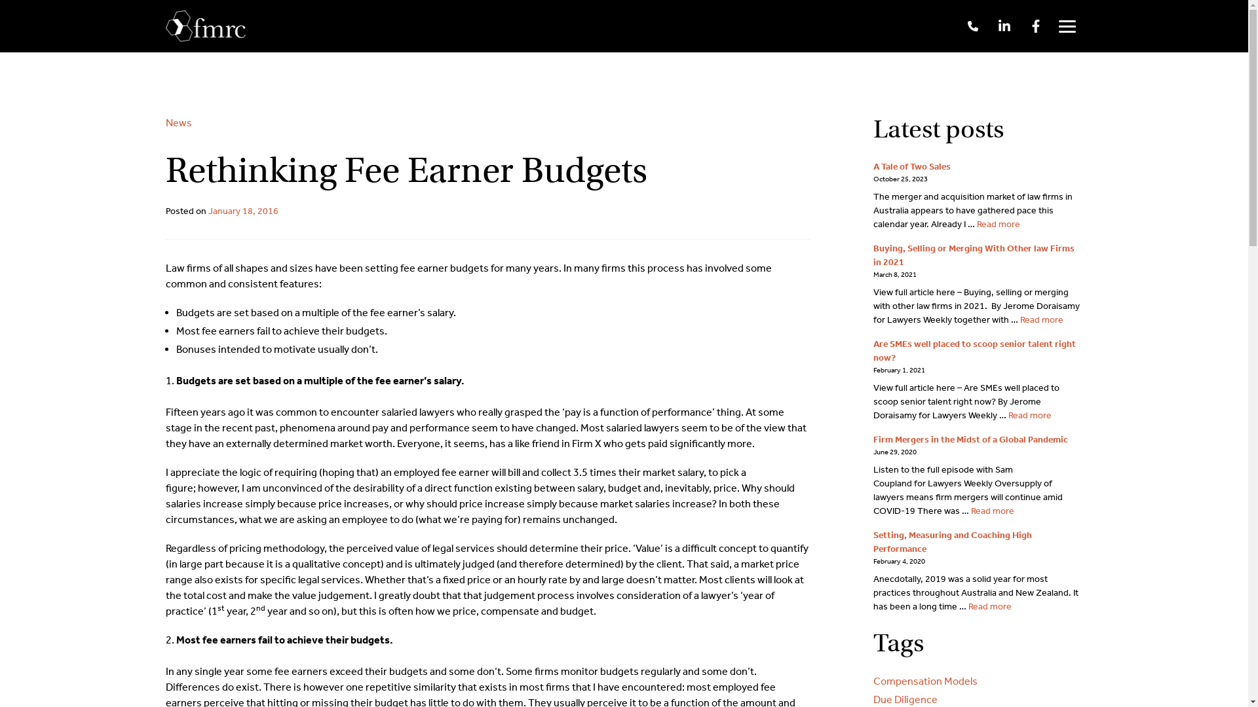 The image size is (1258, 707). Describe the element at coordinates (973, 255) in the screenshot. I see `'Buying, Selling or Merging With Other law Firms in 2021'` at that location.